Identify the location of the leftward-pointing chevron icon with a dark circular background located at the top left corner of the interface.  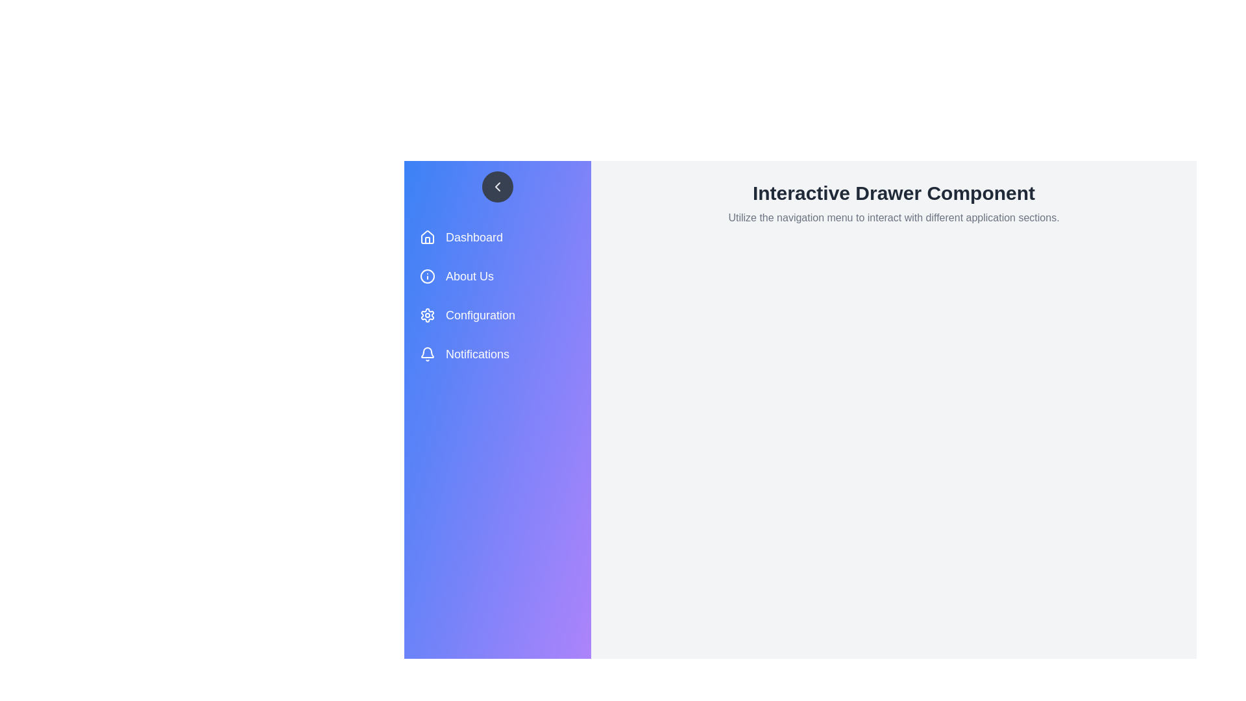
(497, 187).